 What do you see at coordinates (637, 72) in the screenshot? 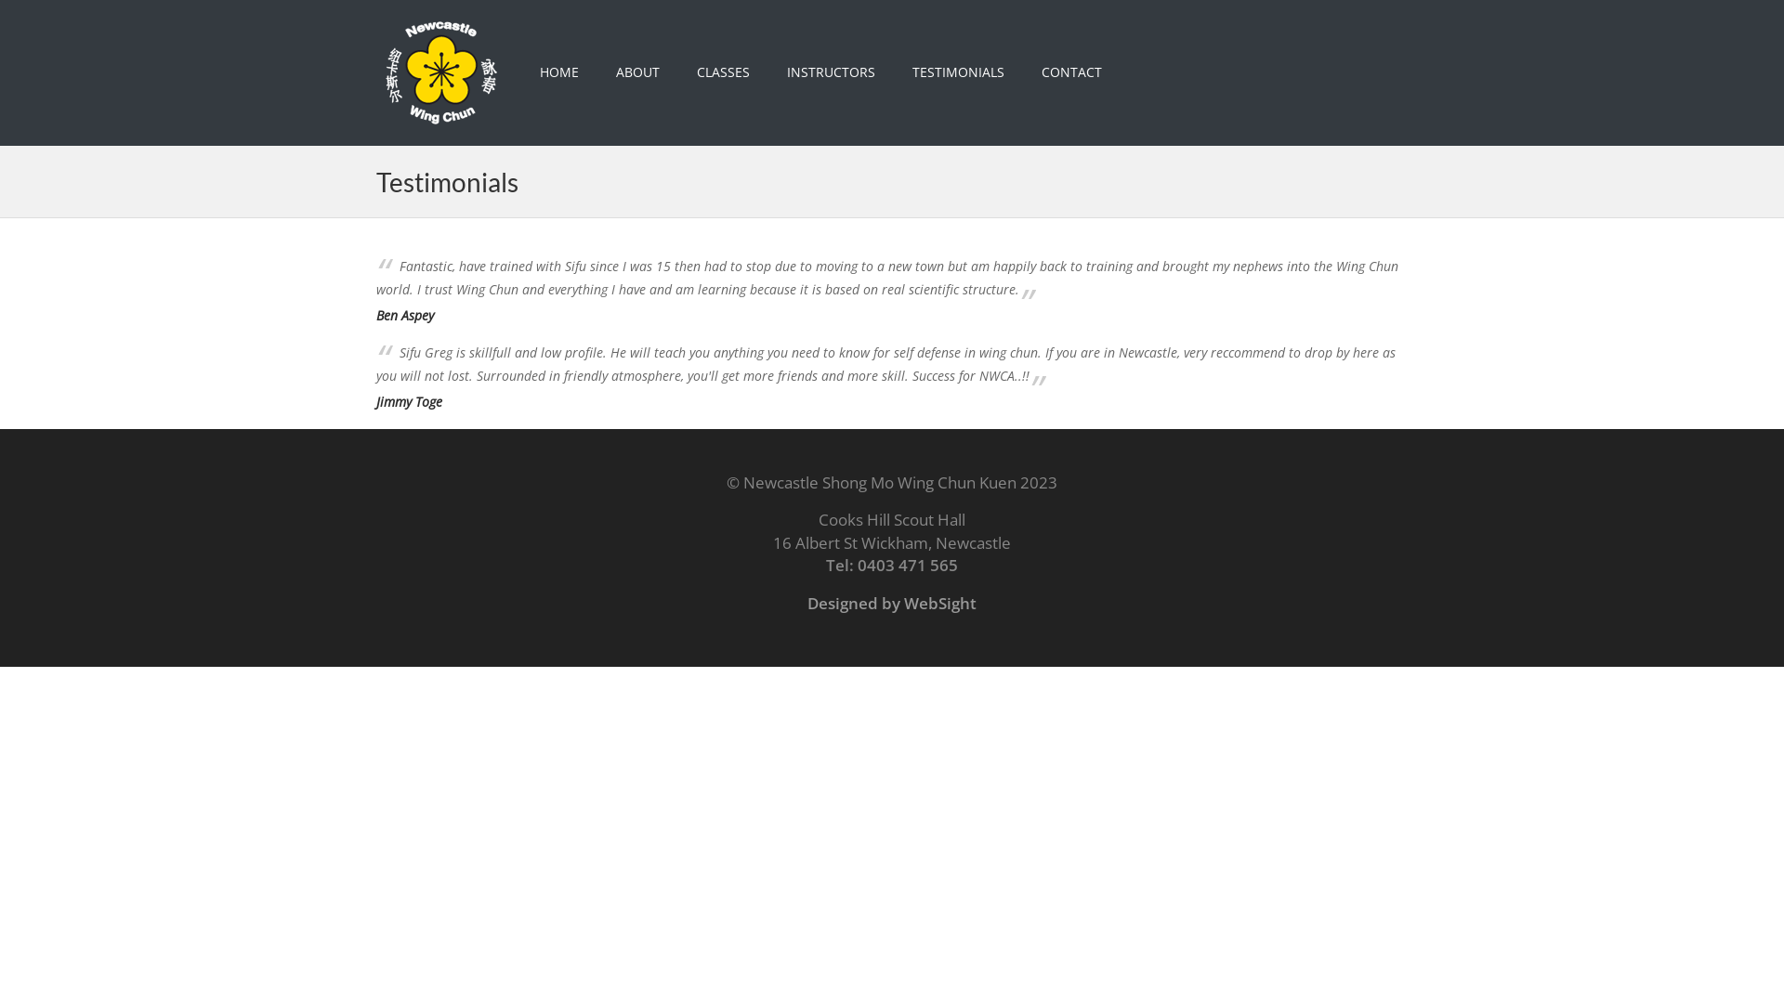
I see `'ABOUT'` at bounding box center [637, 72].